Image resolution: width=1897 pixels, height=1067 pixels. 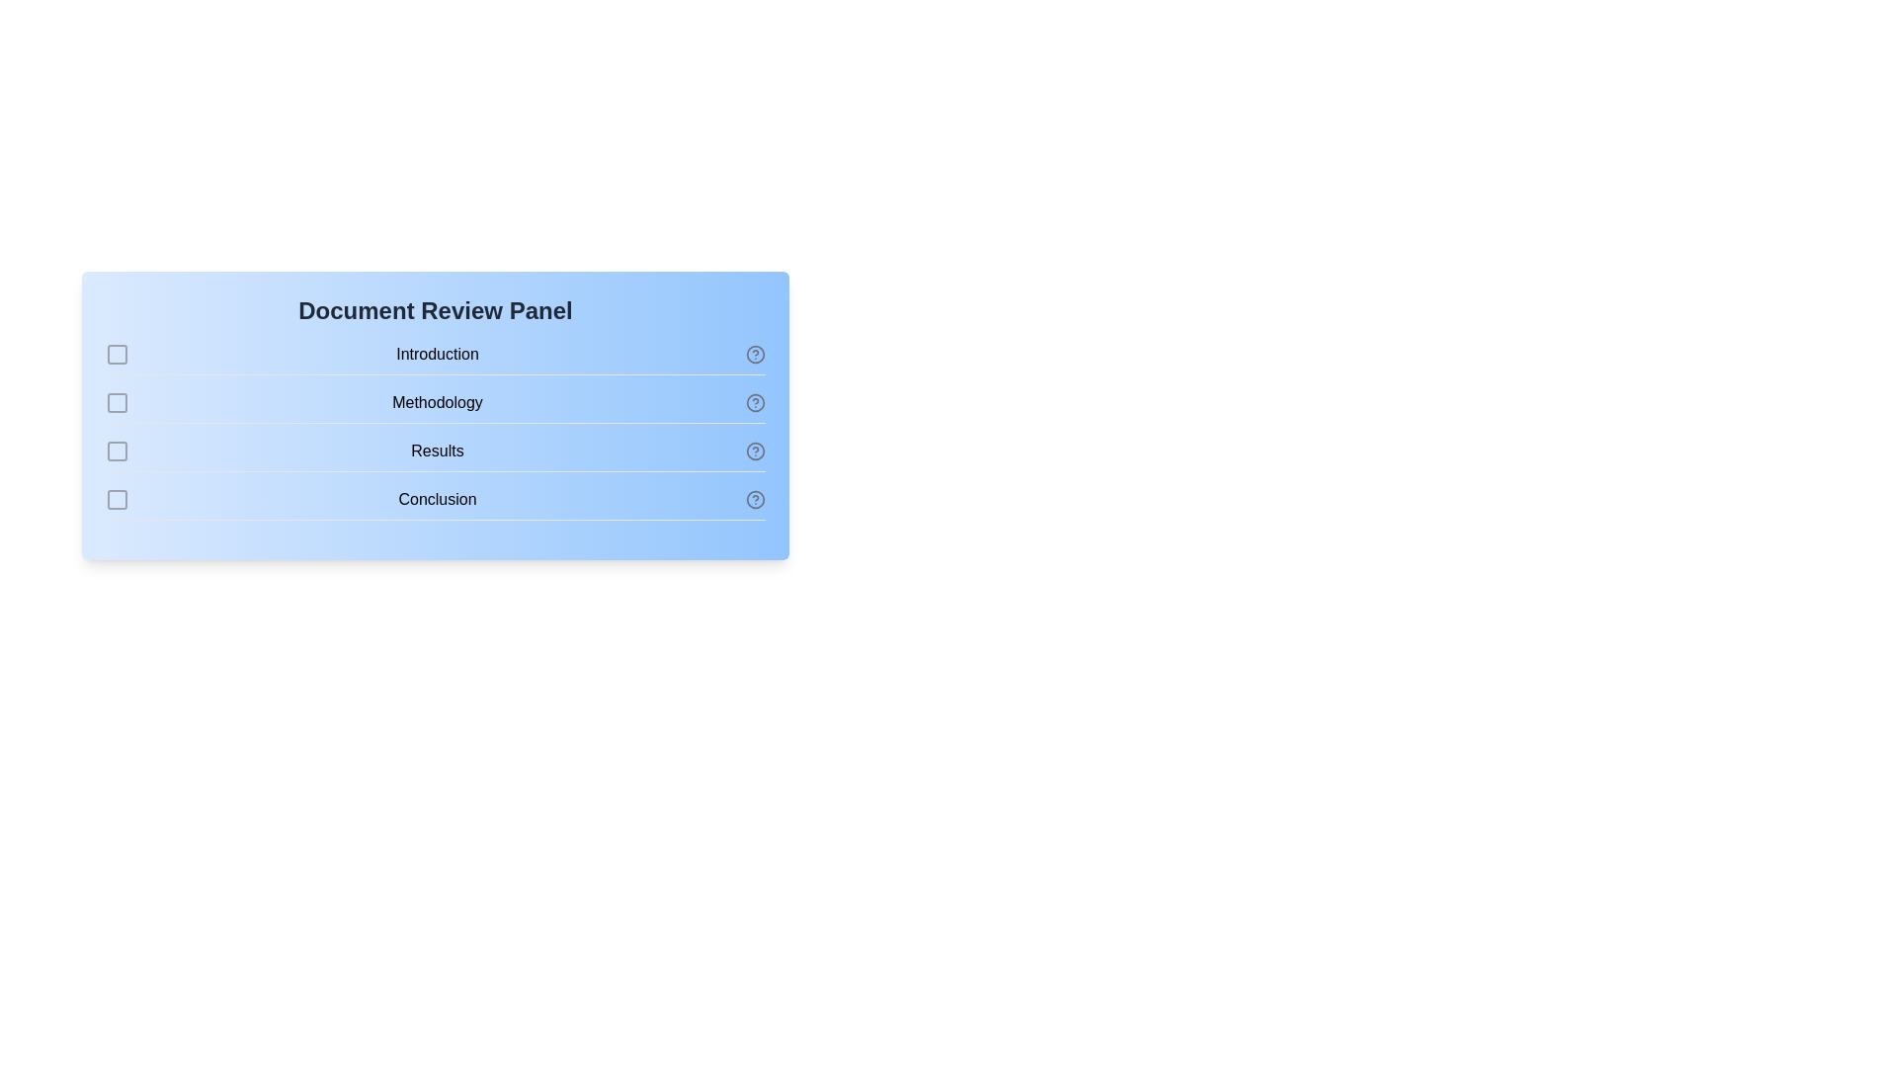 I want to click on the information icon for the Introduction section to view its tooltip, so click(x=754, y=353).